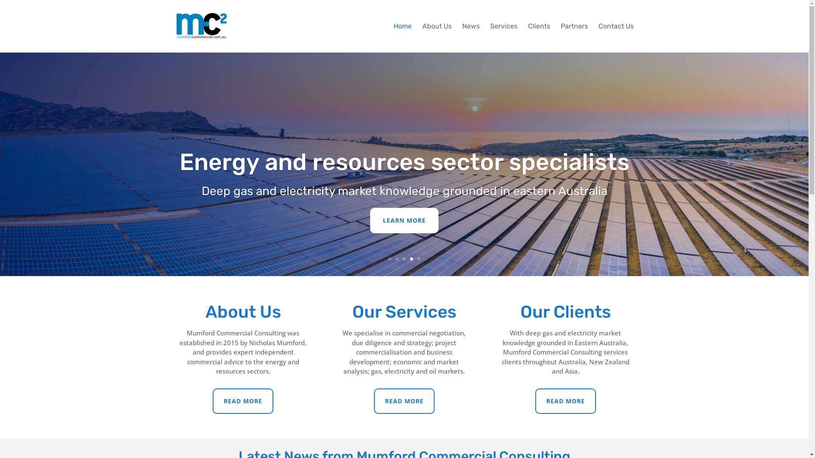 The image size is (815, 458). I want to click on 'About Us', so click(436, 37).